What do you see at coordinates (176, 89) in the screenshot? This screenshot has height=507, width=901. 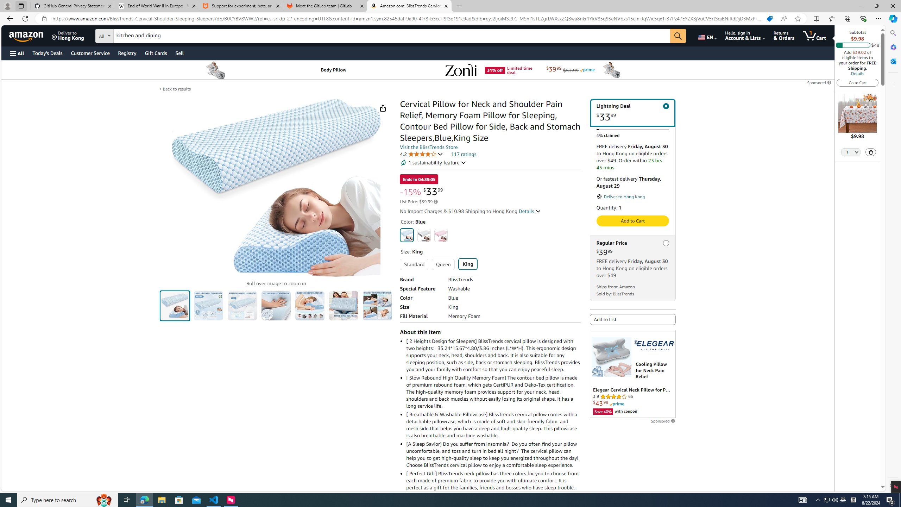 I see `'Back to results'` at bounding box center [176, 89].